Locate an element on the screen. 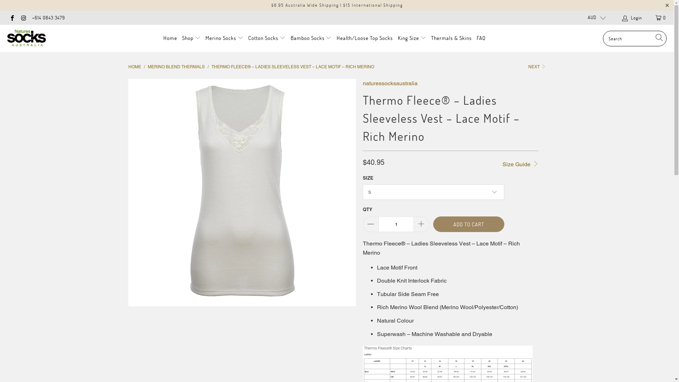 Image resolution: width=679 pixels, height=382 pixels. '+614 0843 3479' is located at coordinates (48, 17).